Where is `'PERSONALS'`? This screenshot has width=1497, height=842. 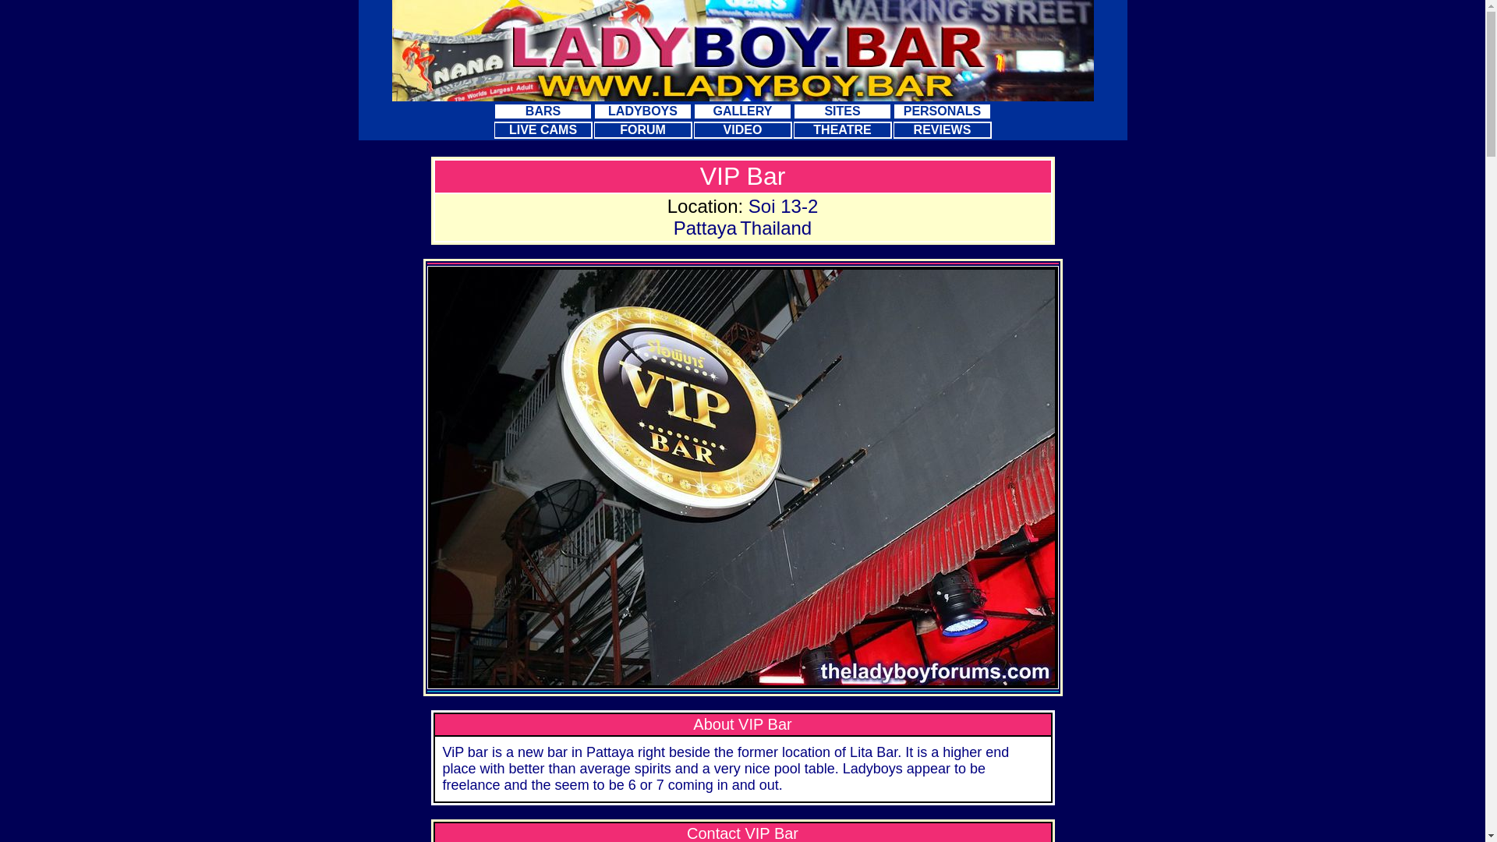 'PERSONALS' is located at coordinates (894, 110).